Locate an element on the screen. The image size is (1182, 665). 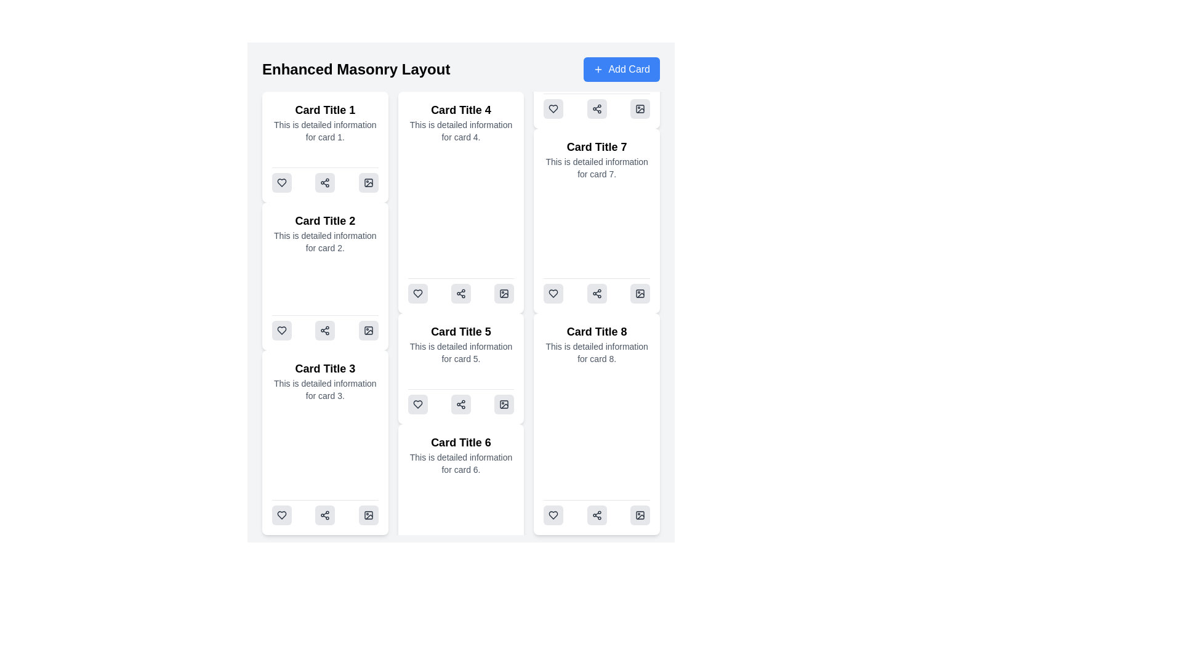
the second button with an icon (sharing symbol) at the bottom of 'Card Title 3' is located at coordinates (325, 329).